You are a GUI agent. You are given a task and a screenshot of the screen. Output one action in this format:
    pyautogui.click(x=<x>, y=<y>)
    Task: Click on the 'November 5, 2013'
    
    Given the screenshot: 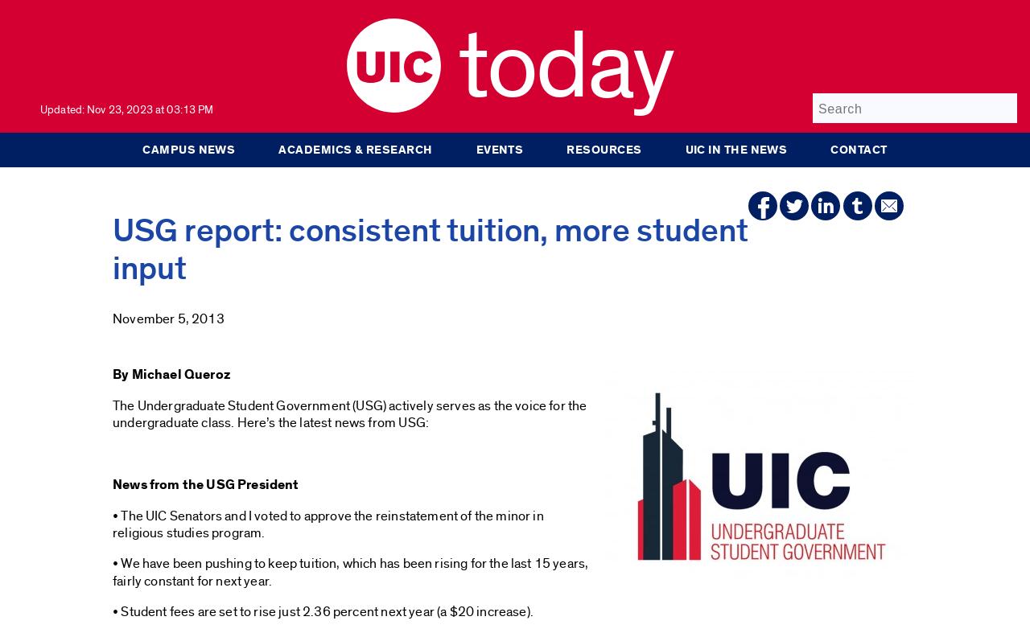 What is the action you would take?
    pyautogui.click(x=168, y=319)
    